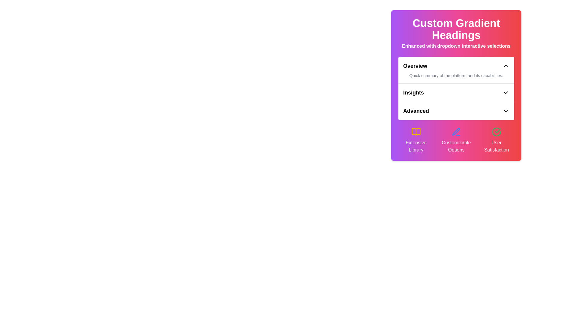 Image resolution: width=576 pixels, height=324 pixels. Describe the element at coordinates (456, 75) in the screenshot. I see `the Text label providing a brief description or summary relevant to the 'Overview' section, located directly below the 'Overview' heading in a gradient-colored panel` at that location.